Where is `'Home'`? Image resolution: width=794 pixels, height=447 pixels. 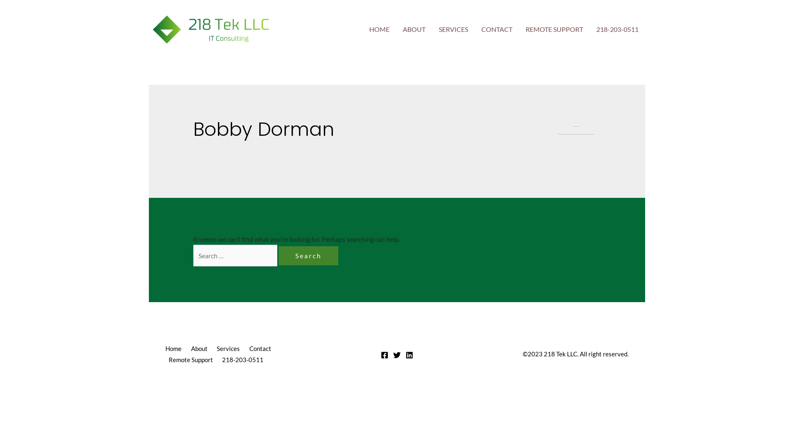 'Home' is located at coordinates (176, 348).